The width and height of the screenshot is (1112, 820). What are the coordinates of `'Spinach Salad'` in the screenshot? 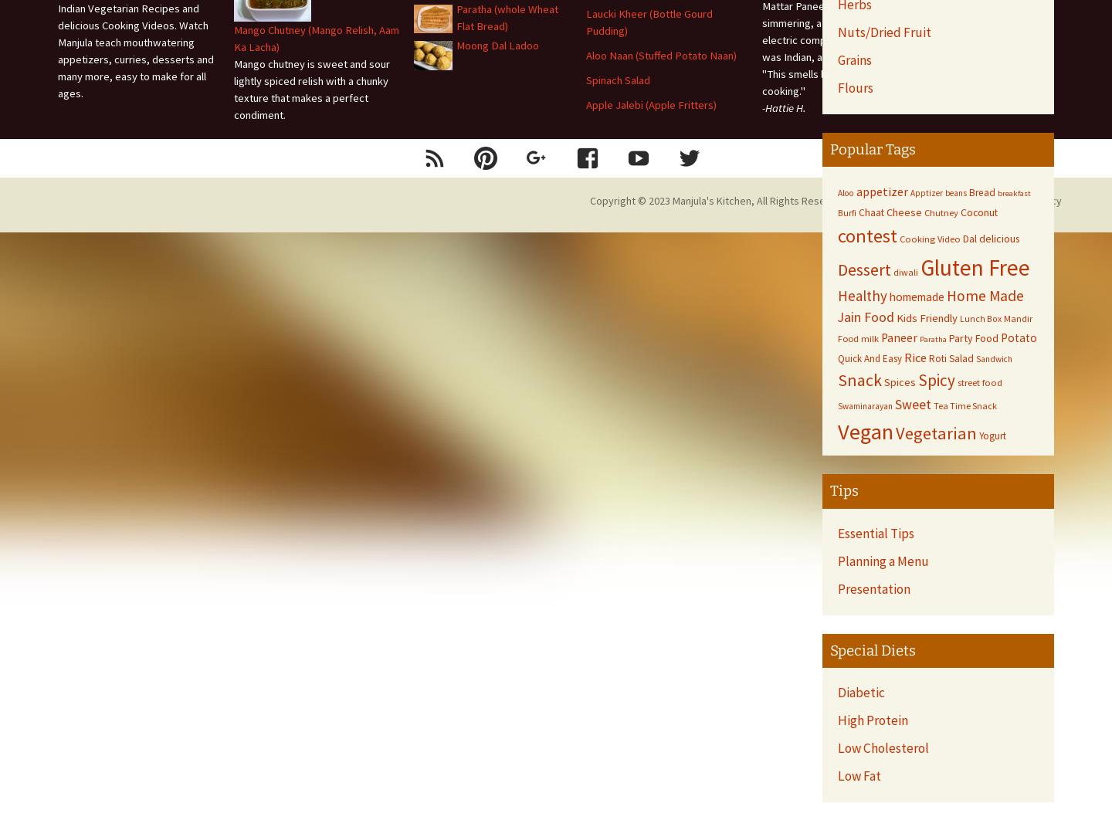 It's located at (618, 80).